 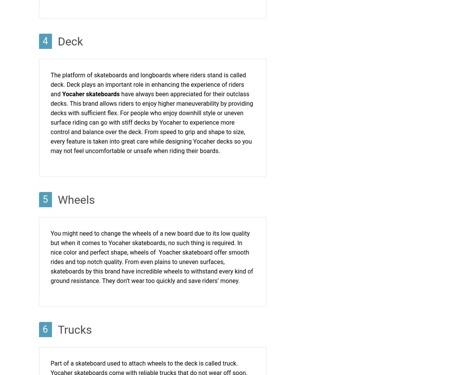 What do you see at coordinates (151, 257) in the screenshot?
I see `'You might need to change the wheels of a new board due to its low quality but when it comes to Yocaher skateboards, no such thing is required. In nice color and perfect shape, wheels of  Yoacher skateboard offer smooth rides and top notch quality. From even plains to uneven surfaces, skateboards by this brand have incredible wheels to withstand every kind of ground resistance. They don’t wear too quickly and save riders’ money.'` at bounding box center [151, 257].